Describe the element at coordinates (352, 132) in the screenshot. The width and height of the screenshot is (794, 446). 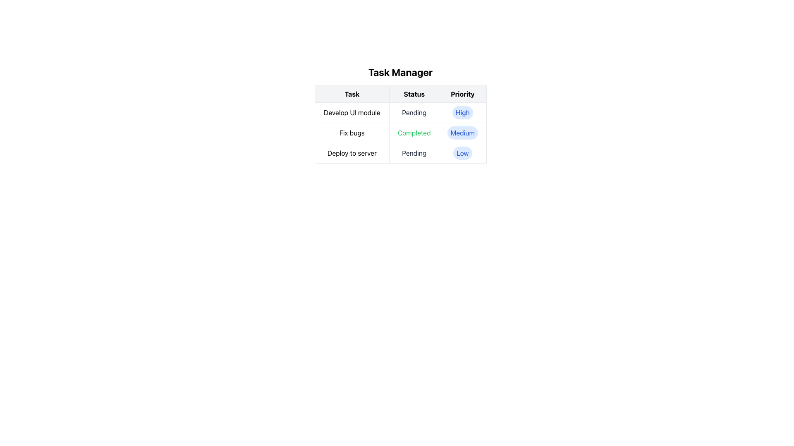
I see `the rectangular text label containing the text 'Fix bugs', which is styled with padding and borders, located in the second row of a three-column table under the 'Task' column` at that location.